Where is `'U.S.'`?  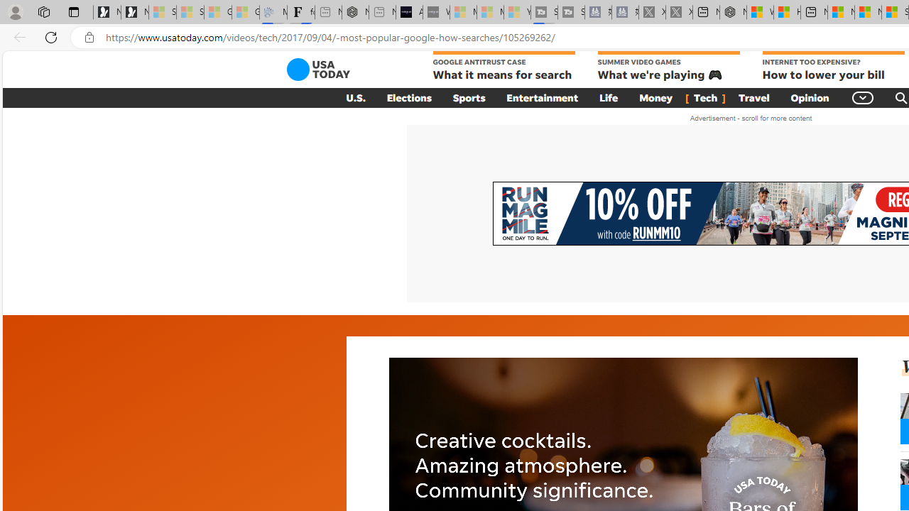 'U.S.' is located at coordinates (356, 97).